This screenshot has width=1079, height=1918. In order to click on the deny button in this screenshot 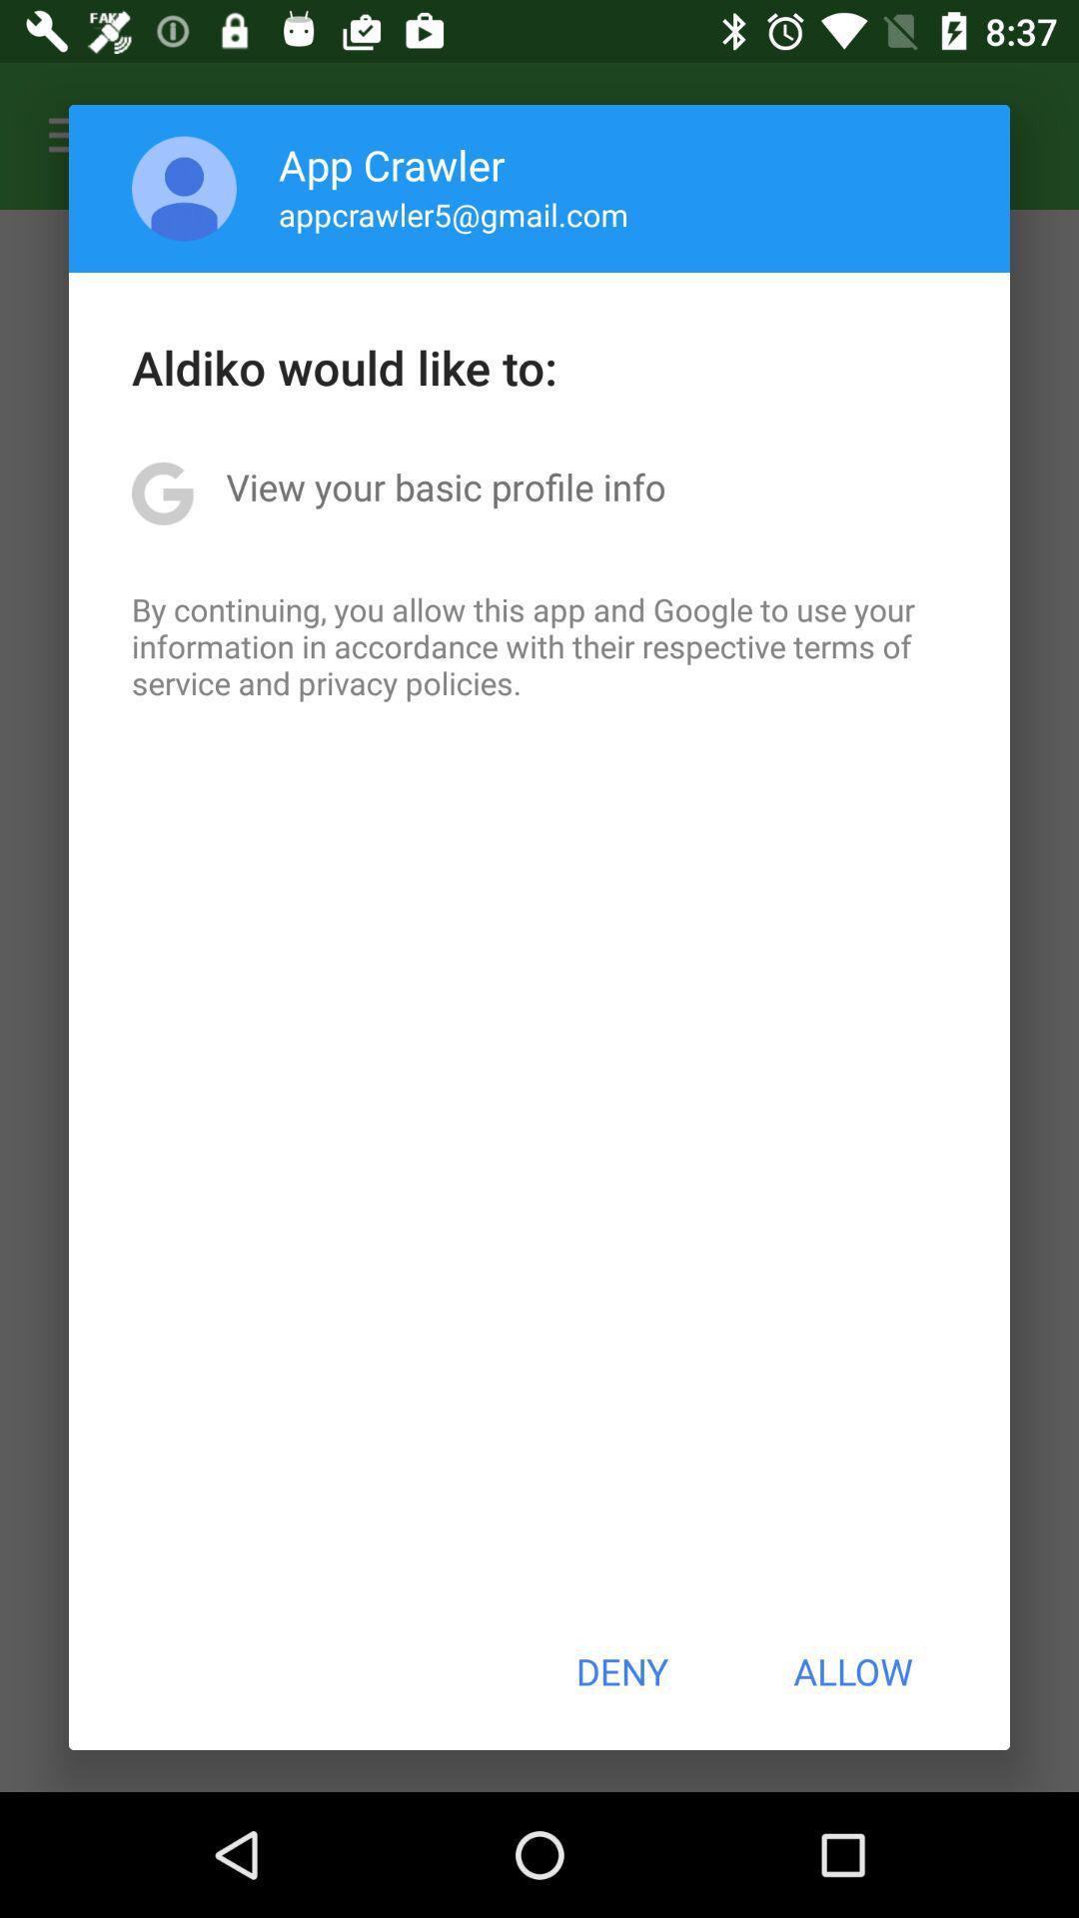, I will do `click(620, 1671)`.